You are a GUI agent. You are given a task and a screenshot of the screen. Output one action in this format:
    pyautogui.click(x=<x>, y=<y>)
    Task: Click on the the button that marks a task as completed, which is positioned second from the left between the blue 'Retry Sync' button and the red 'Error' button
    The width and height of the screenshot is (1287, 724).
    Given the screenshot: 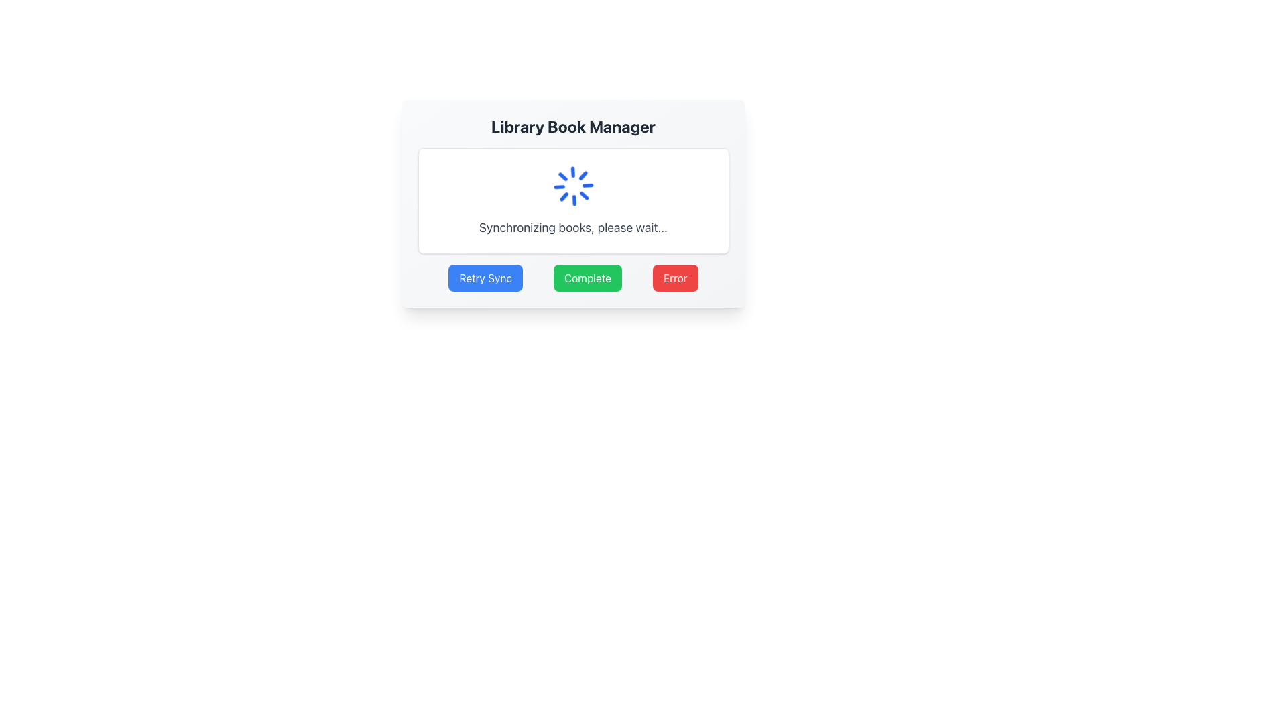 What is the action you would take?
    pyautogui.click(x=587, y=278)
    